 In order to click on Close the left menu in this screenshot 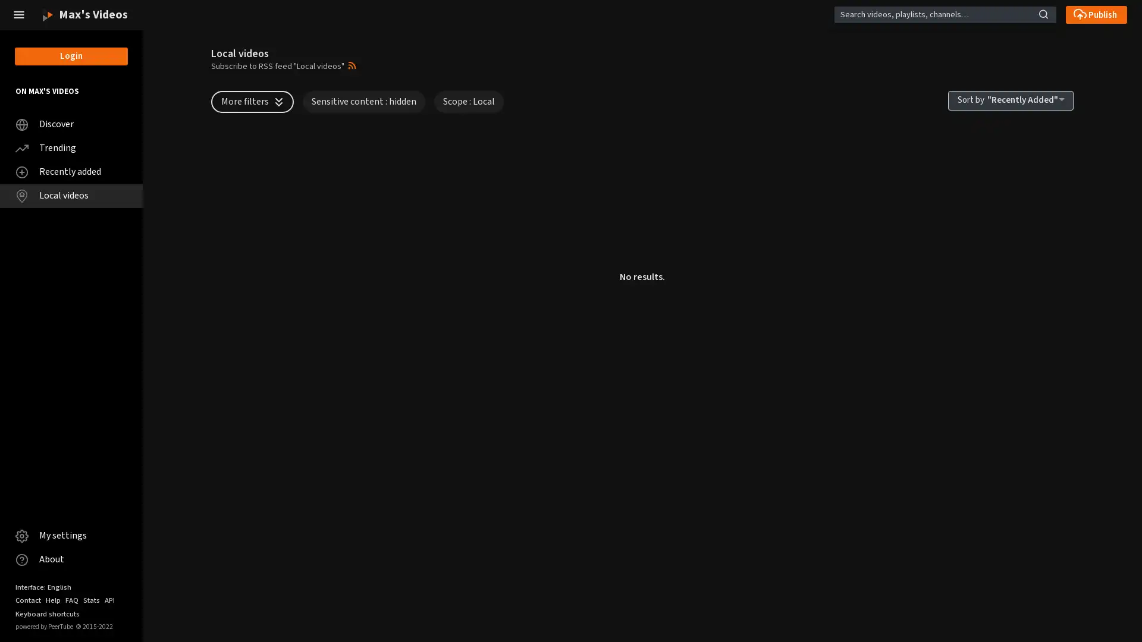, I will do `click(19, 14)`.